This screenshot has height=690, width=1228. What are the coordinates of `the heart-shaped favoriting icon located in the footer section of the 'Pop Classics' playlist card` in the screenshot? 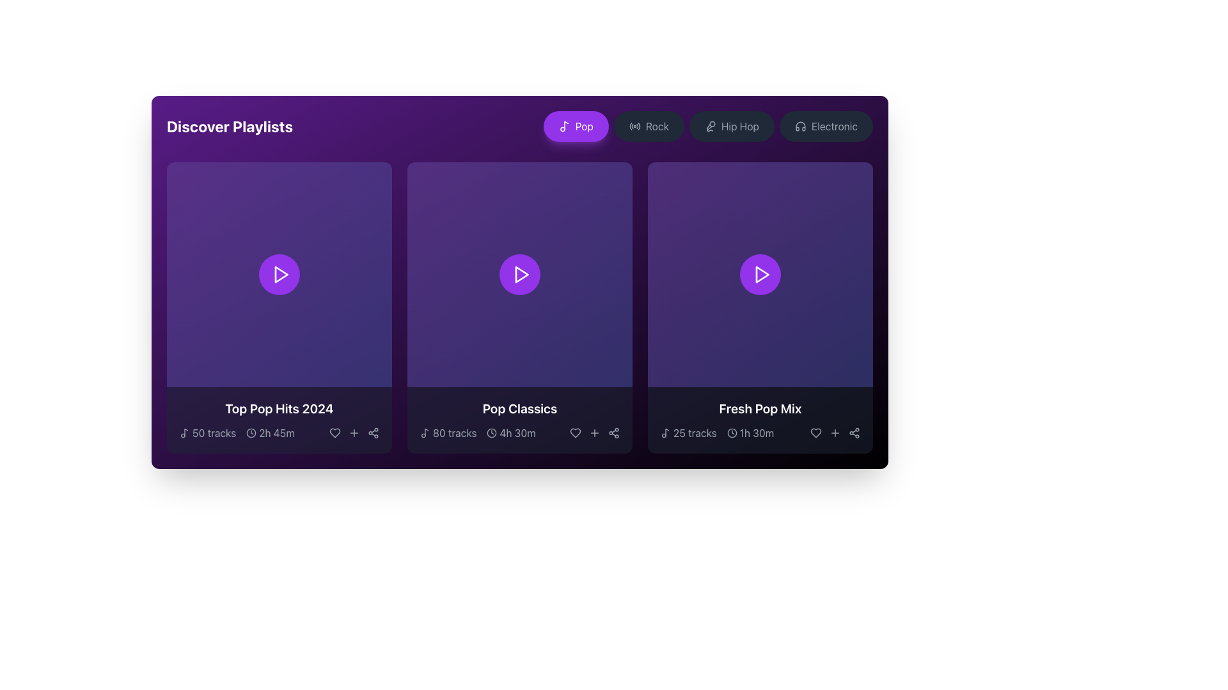 It's located at (575, 433).